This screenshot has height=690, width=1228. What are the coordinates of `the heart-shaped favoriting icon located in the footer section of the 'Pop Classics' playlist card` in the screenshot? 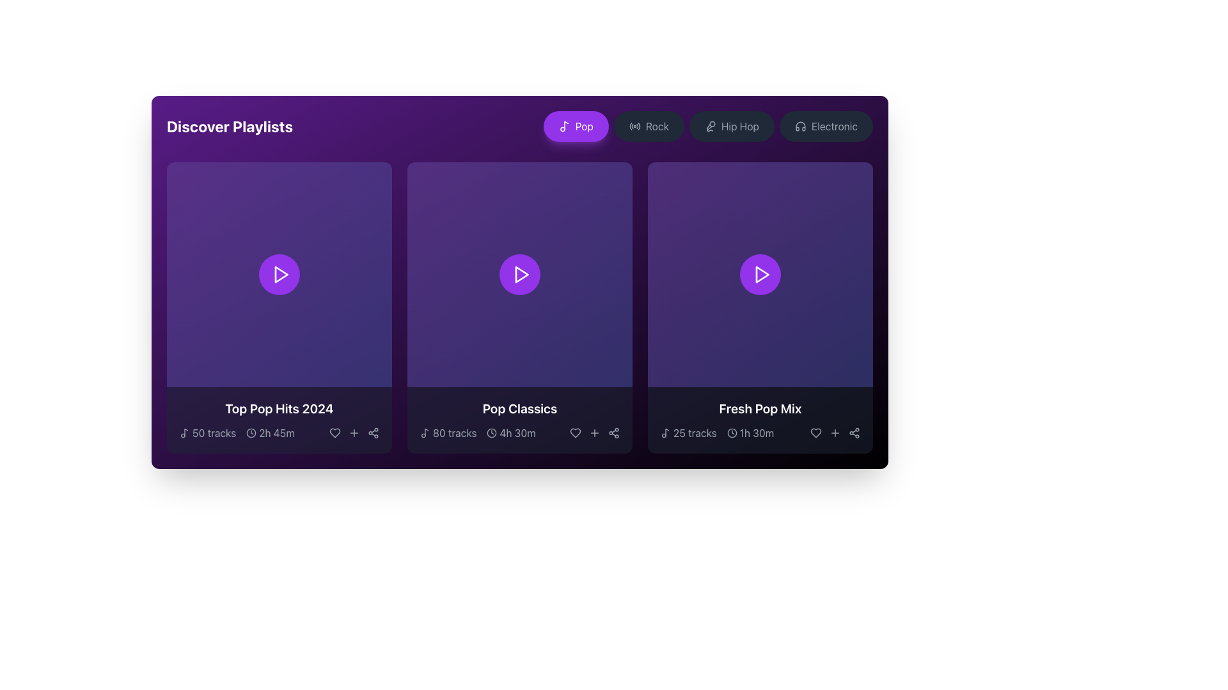 It's located at (575, 433).